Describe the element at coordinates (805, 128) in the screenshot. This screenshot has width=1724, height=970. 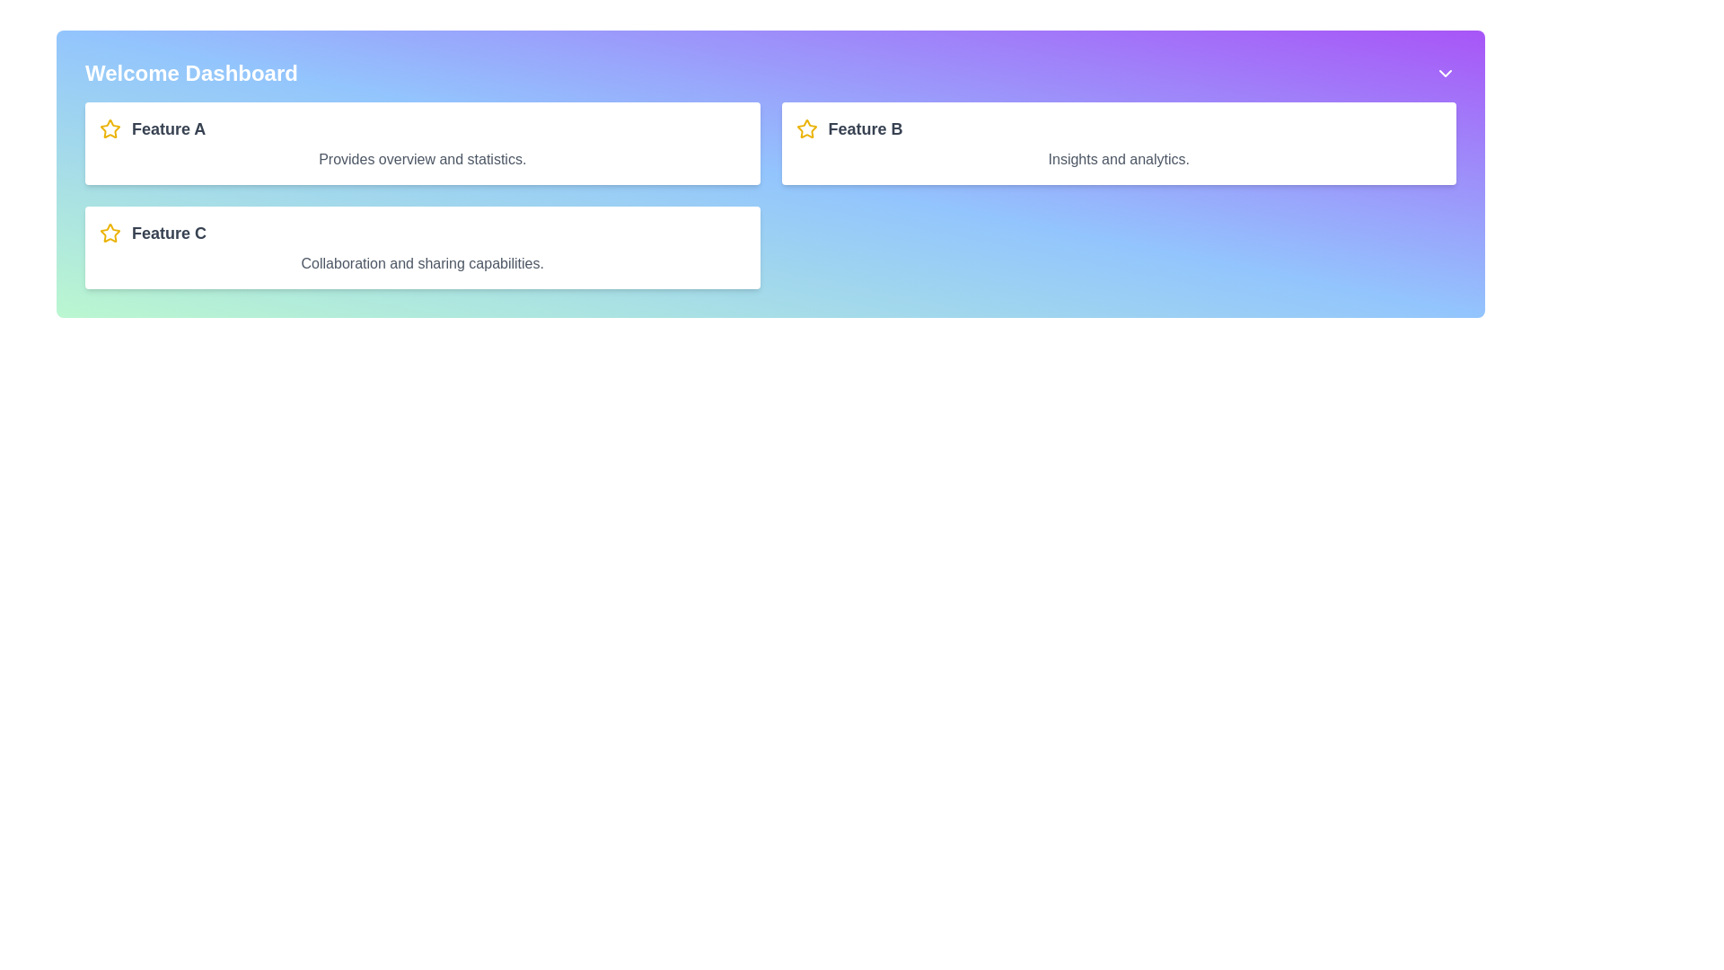
I see `the icon located at the top-right corner of the 'Feature B' card, which serves as a visual indicator for favorites or ratings` at that location.